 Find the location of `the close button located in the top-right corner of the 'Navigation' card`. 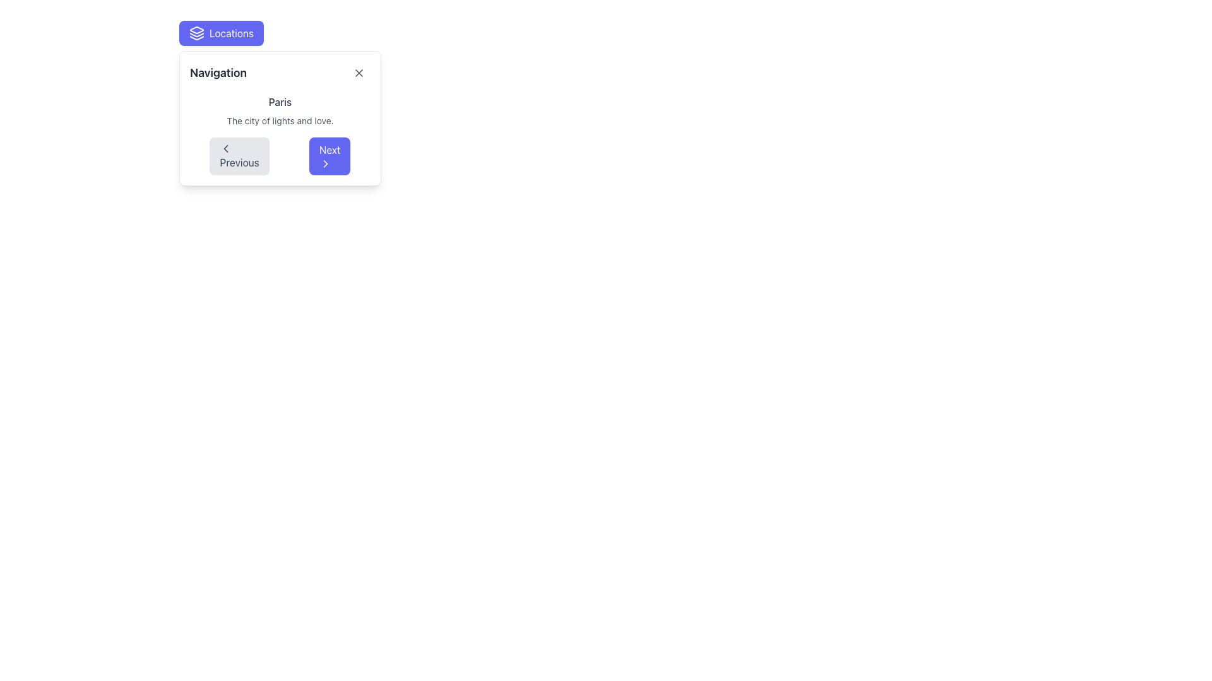

the close button located in the top-right corner of the 'Navigation' card is located at coordinates (358, 73).